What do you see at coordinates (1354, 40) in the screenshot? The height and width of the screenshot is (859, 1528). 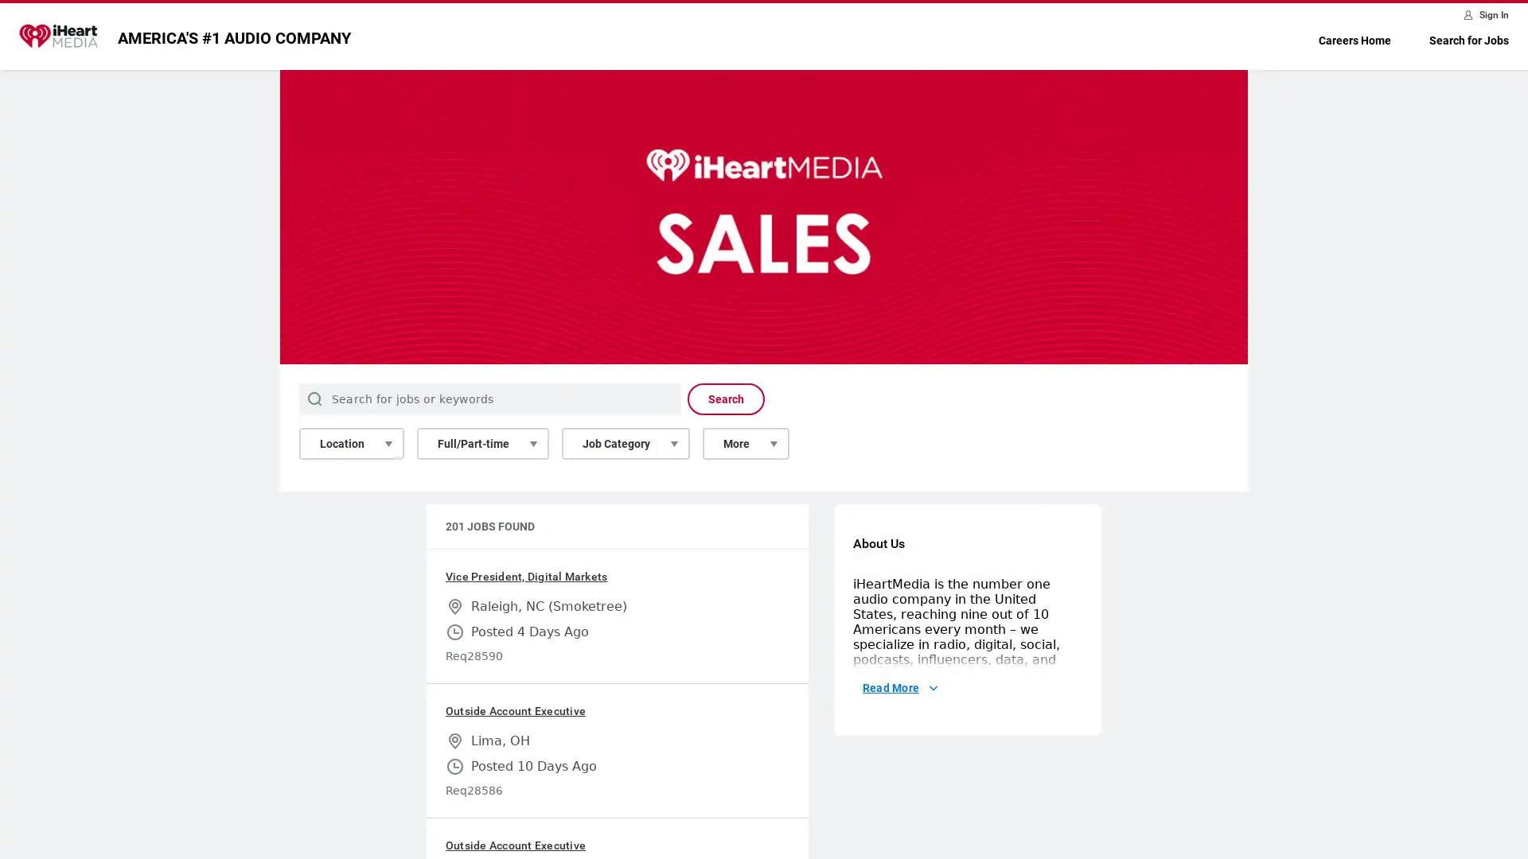 I see `Careers Home` at bounding box center [1354, 40].